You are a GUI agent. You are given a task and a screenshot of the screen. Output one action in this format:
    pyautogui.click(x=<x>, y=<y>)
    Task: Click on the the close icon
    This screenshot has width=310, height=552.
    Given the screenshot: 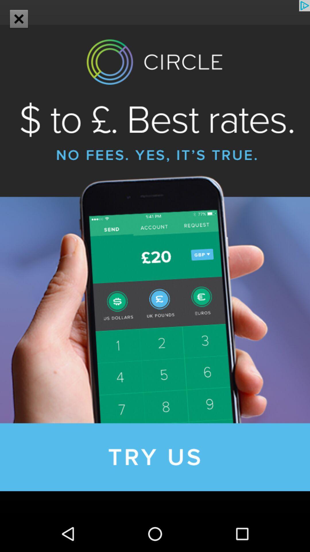 What is the action you would take?
    pyautogui.click(x=18, y=20)
    